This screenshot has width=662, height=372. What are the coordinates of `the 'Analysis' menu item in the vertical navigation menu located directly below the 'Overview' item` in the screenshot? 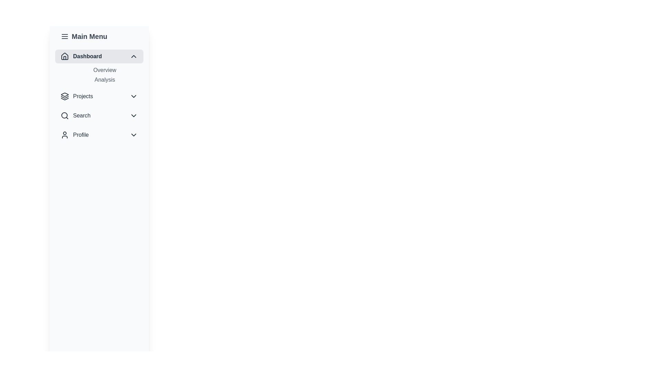 It's located at (104, 79).